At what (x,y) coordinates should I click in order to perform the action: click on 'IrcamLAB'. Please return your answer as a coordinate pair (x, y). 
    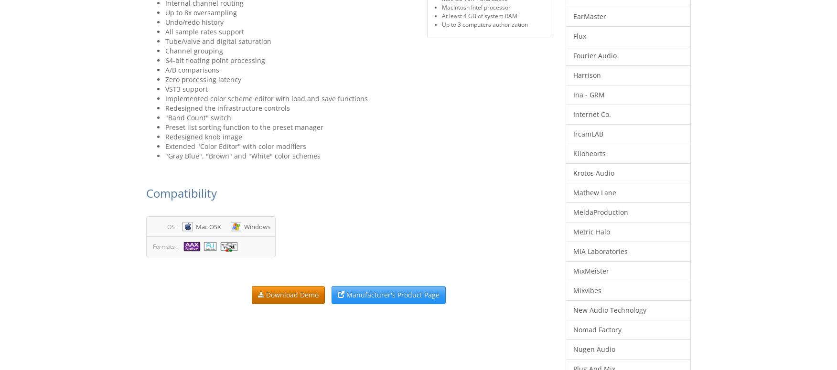
    Looking at the image, I should click on (588, 134).